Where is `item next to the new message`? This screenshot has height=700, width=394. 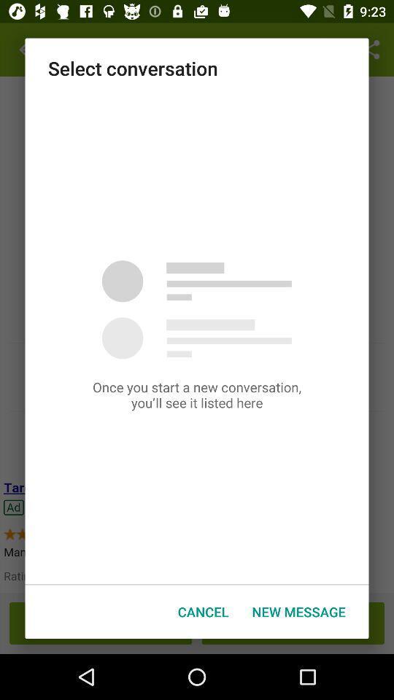
item next to the new message is located at coordinates (202, 612).